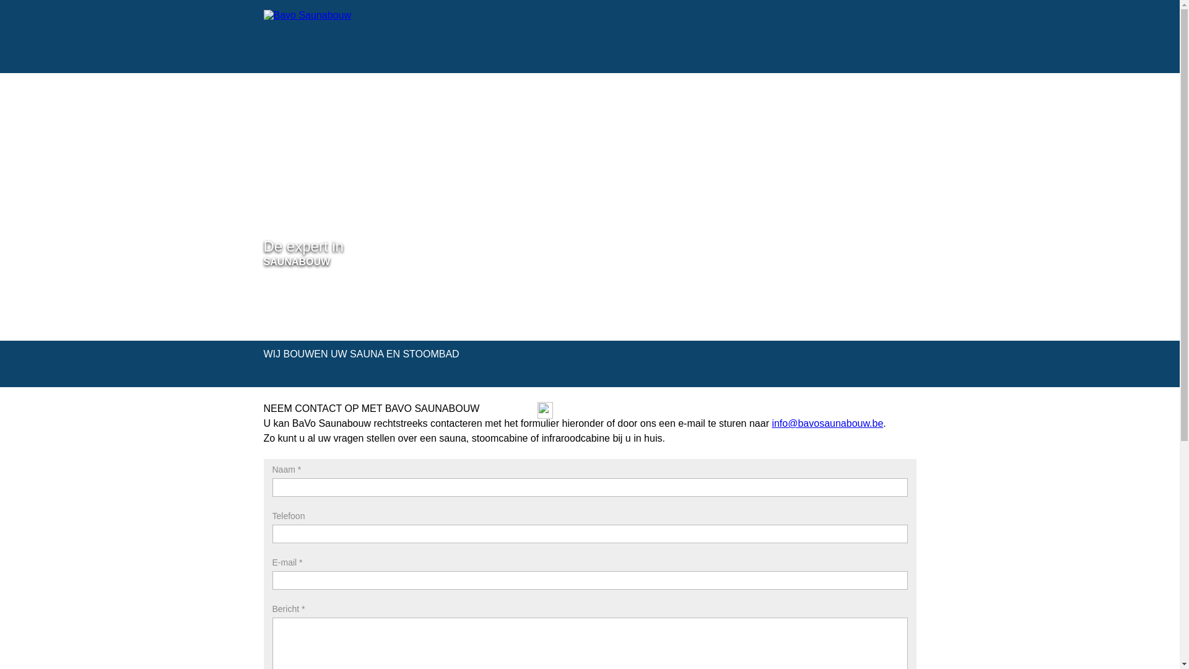 This screenshot has width=1189, height=669. Describe the element at coordinates (827, 422) in the screenshot. I see `'info@bavosaunabouw.be'` at that location.